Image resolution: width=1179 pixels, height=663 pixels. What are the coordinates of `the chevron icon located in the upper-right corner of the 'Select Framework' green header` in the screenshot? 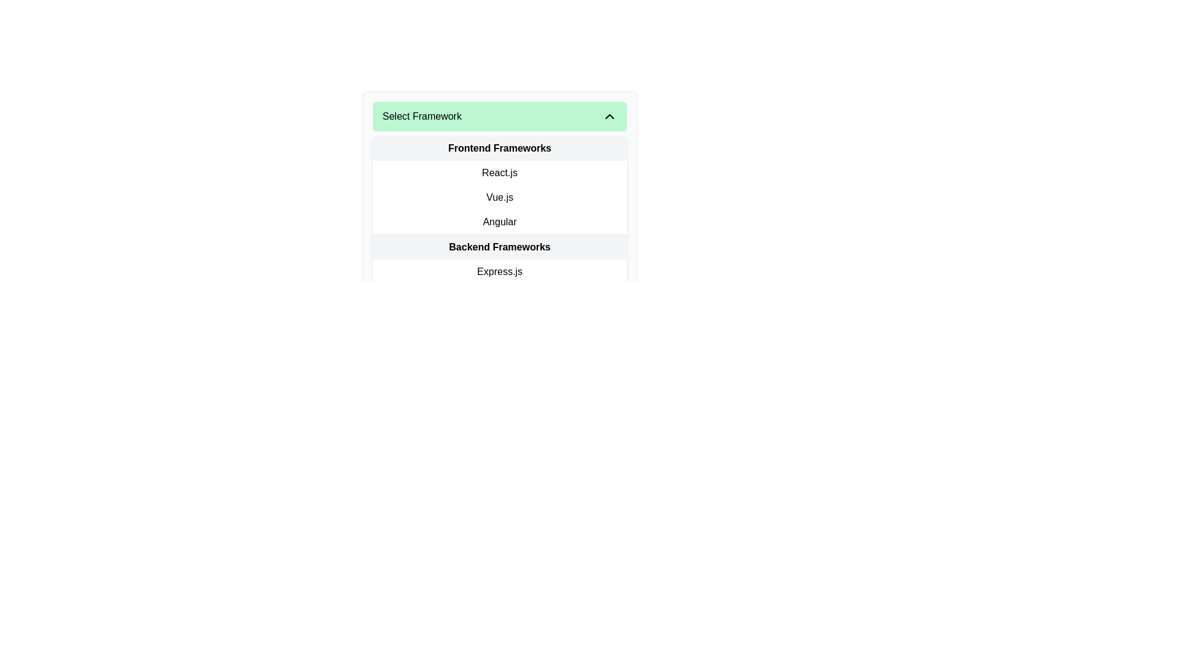 It's located at (610, 116).